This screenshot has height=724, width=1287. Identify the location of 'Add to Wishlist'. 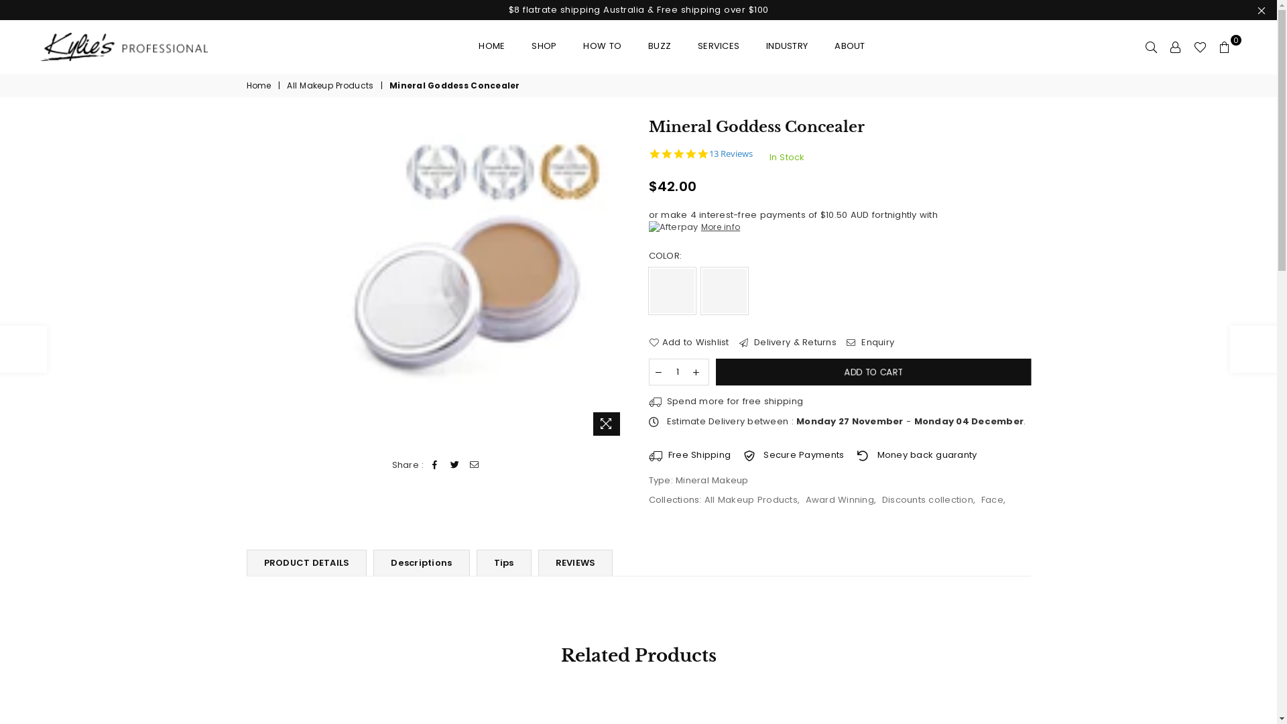
(688, 341).